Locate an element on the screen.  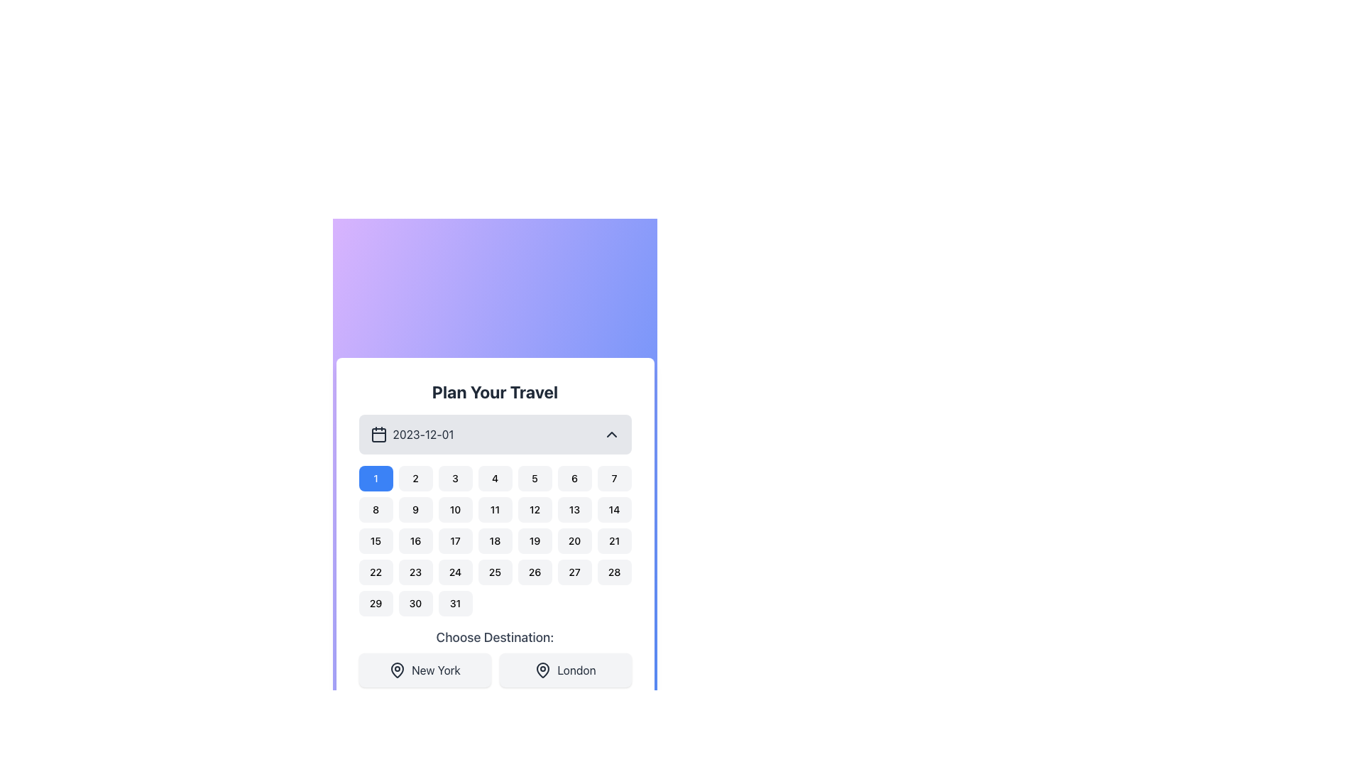
the date selection button for '6' in the date picker interface to observe the hover effect is located at coordinates (574, 479).